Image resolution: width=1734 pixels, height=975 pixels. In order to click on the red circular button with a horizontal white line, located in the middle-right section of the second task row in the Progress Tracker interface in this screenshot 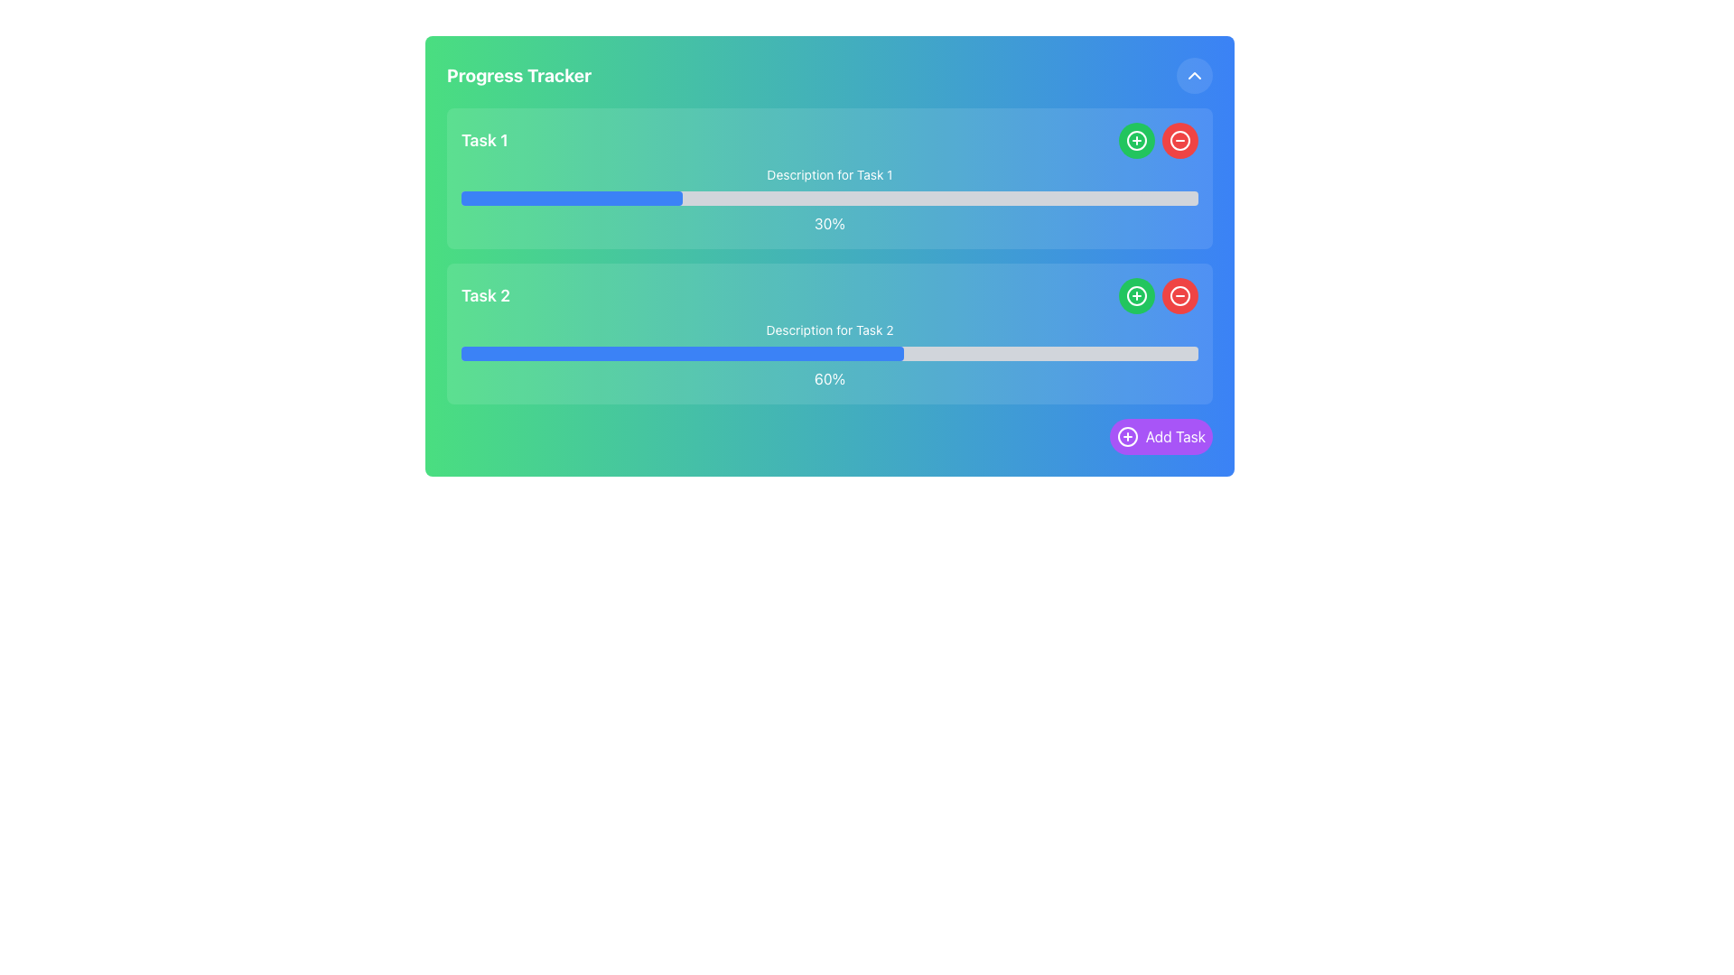, I will do `click(1179, 294)`.